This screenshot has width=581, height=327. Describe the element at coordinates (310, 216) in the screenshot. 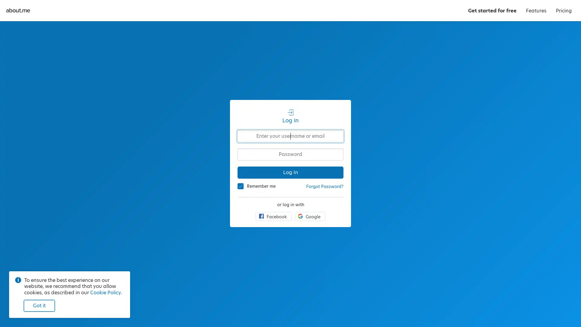

I see `Google` at that location.